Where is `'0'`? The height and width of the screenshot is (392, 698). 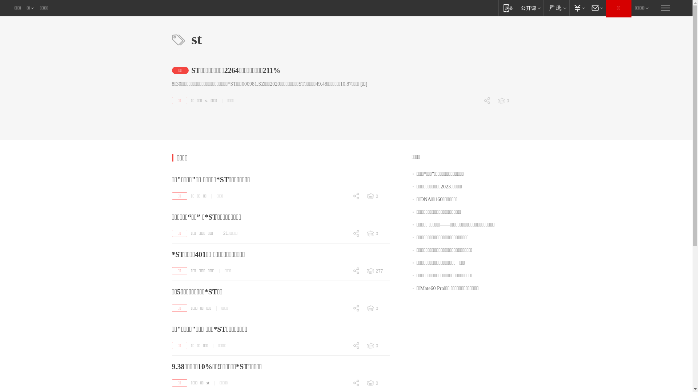
'0' is located at coordinates (341, 284).